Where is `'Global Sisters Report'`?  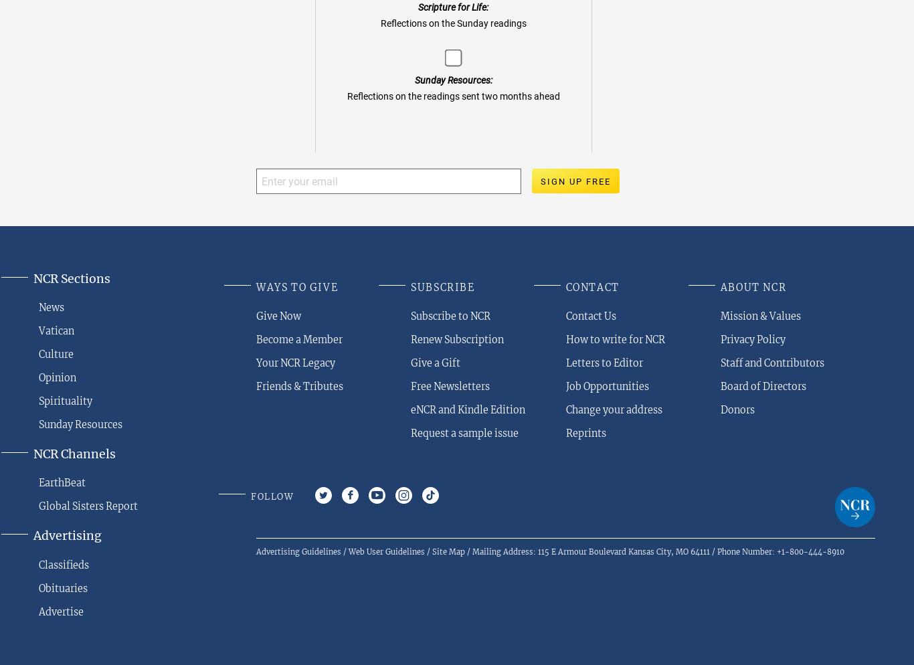 'Global Sisters Report' is located at coordinates (87, 506).